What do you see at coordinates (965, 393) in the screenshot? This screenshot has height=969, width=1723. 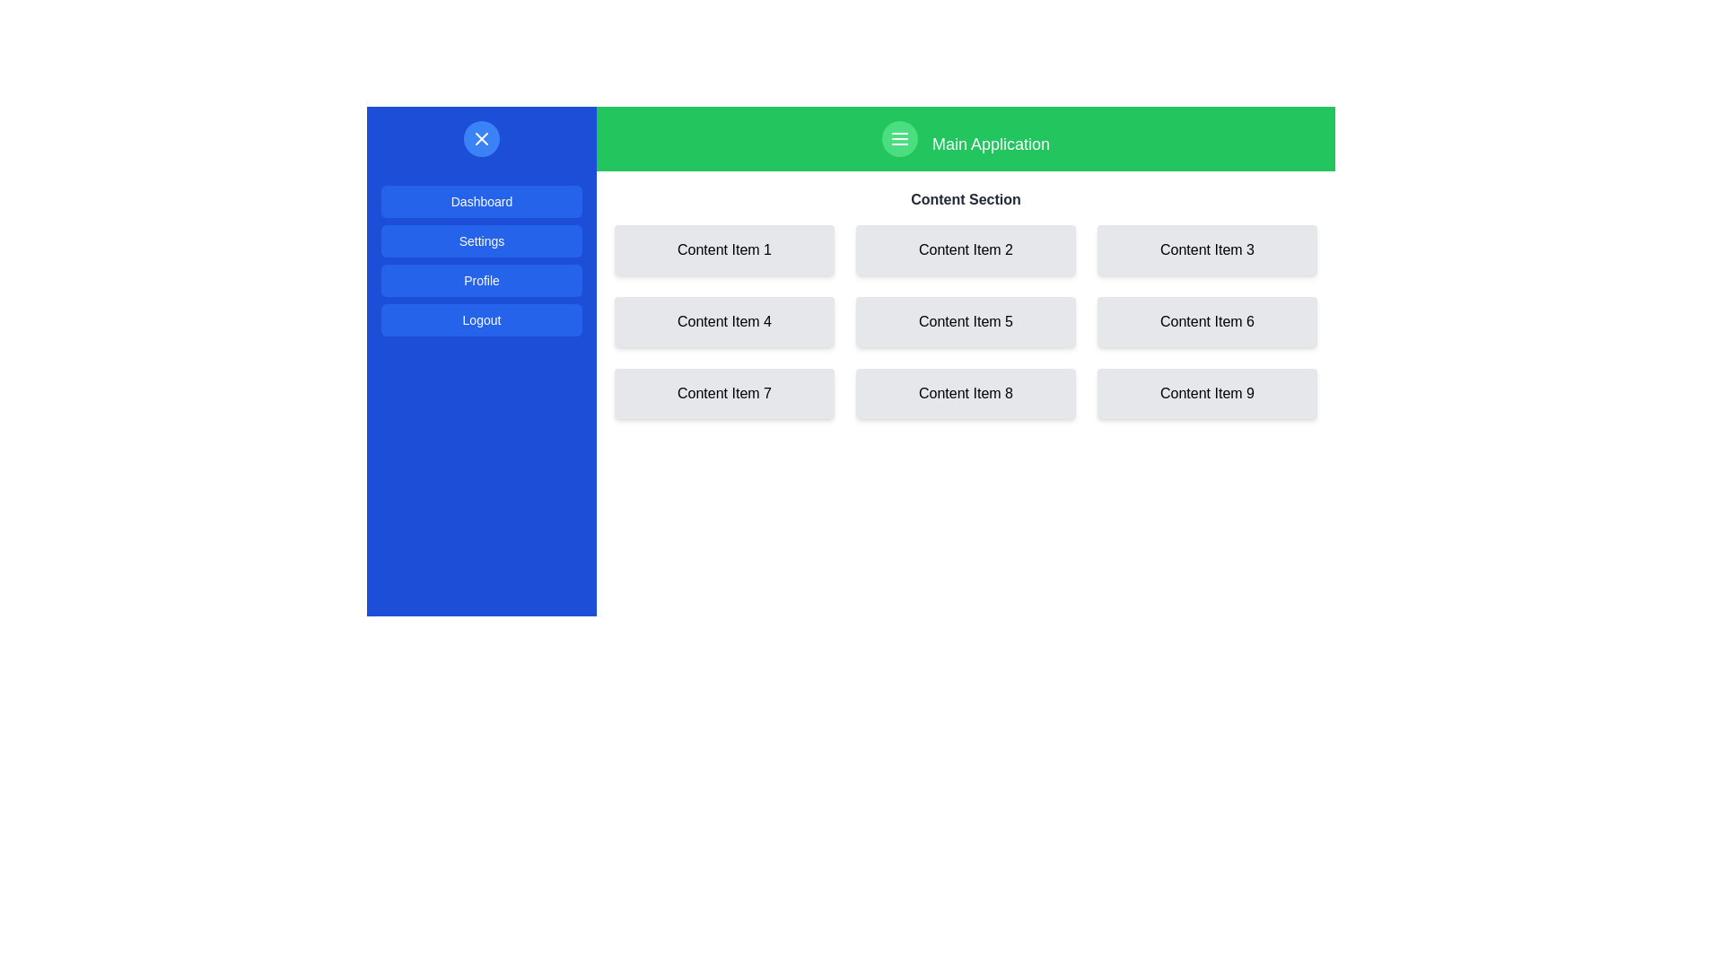 I see `the button labeled 'Content Item 8' which is located in the middle cell of the third row of a 3x3 grid layout` at bounding box center [965, 393].